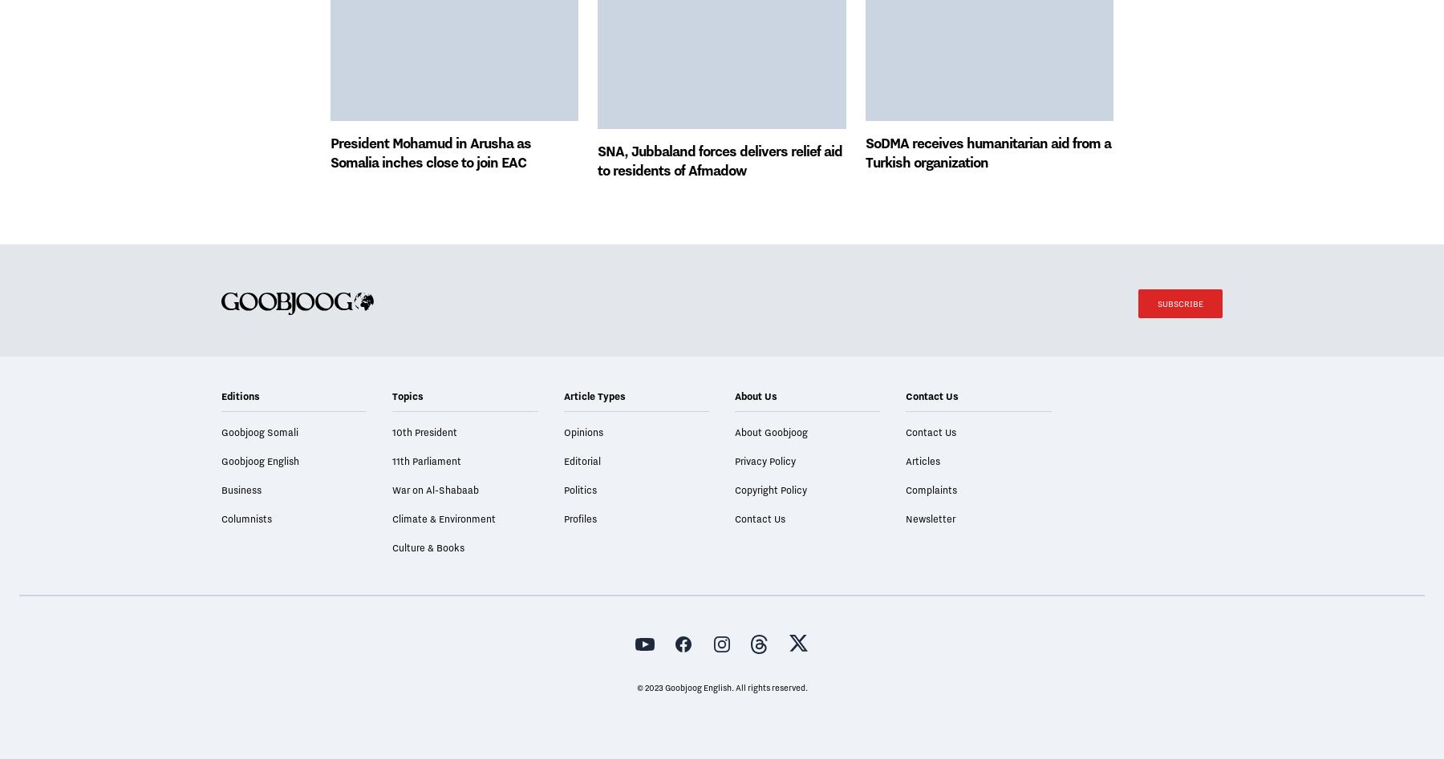  I want to click on 'Climate & Environment', so click(443, 563).